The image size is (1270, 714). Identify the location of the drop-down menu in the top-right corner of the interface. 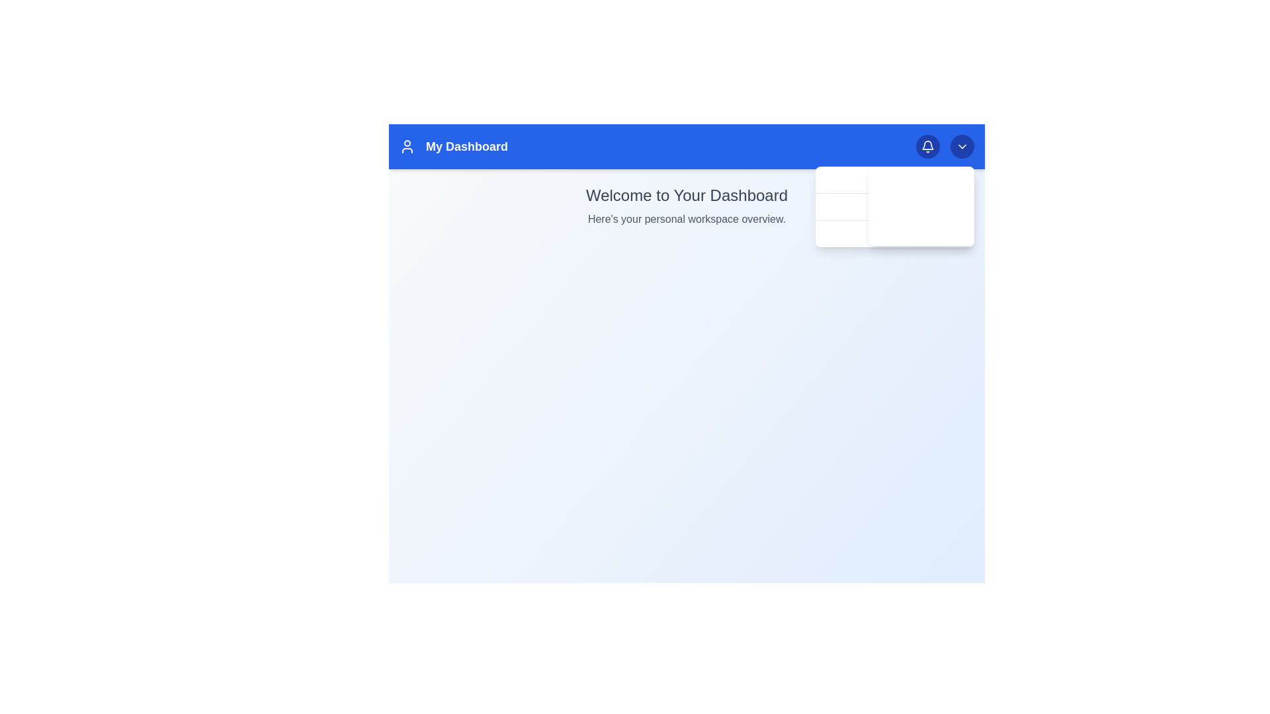
(920, 206).